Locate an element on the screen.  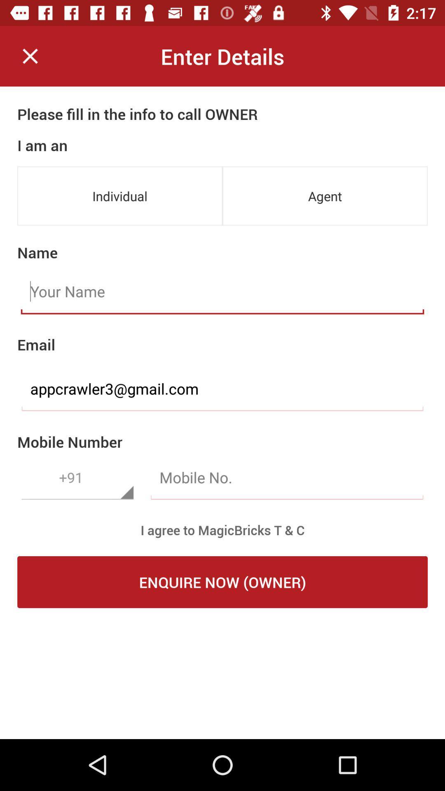
window is located at coordinates (30, 56).